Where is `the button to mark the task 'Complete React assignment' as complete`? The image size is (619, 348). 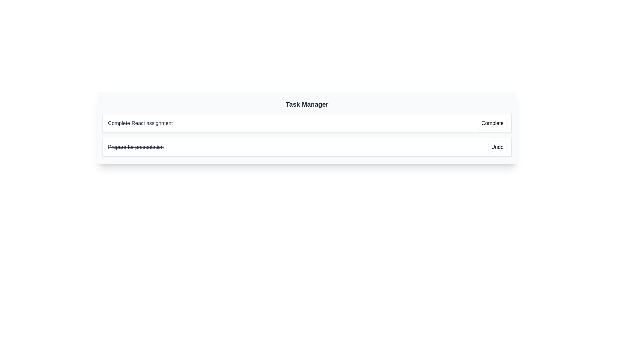 the button to mark the task 'Complete React assignment' as complete is located at coordinates (492, 123).